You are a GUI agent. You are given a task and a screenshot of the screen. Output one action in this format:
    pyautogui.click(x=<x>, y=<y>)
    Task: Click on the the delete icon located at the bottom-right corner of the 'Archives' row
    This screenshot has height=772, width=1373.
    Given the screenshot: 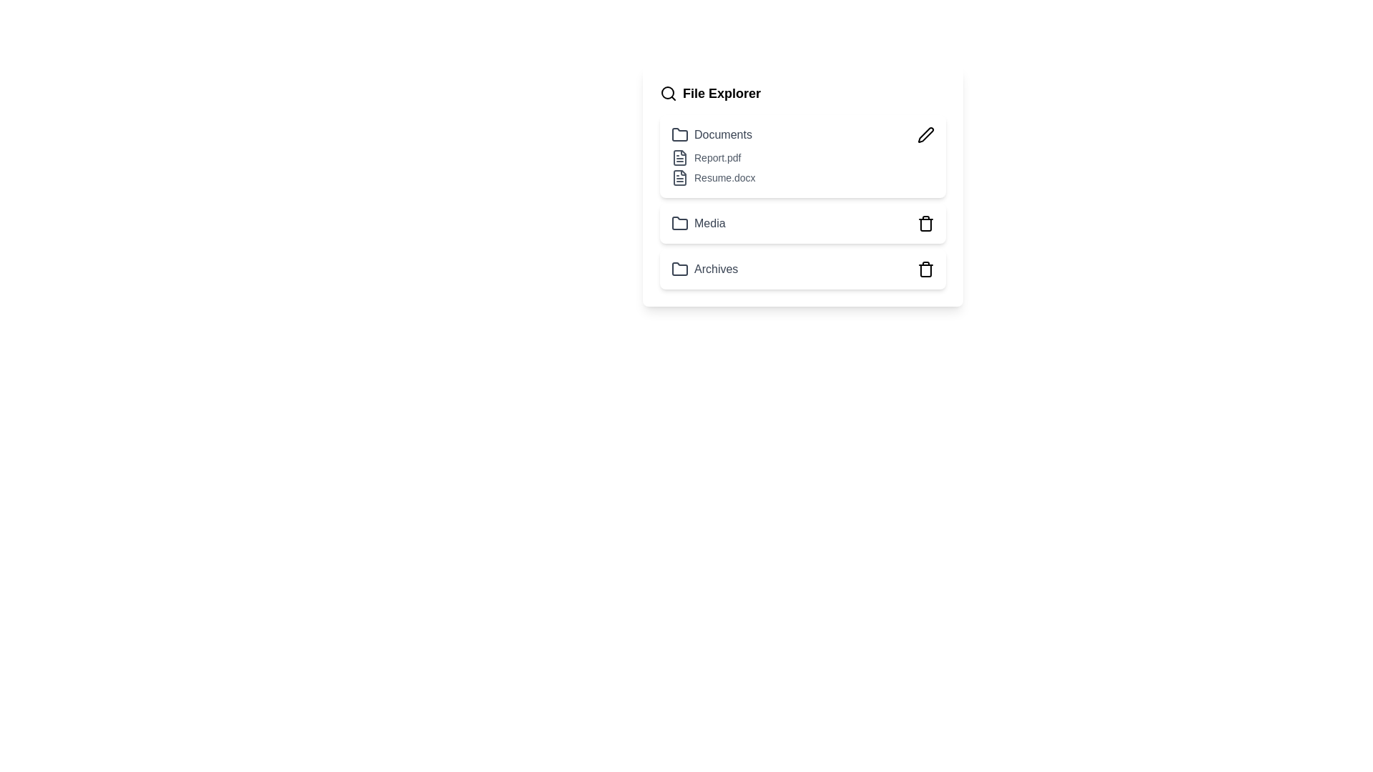 What is the action you would take?
    pyautogui.click(x=926, y=269)
    